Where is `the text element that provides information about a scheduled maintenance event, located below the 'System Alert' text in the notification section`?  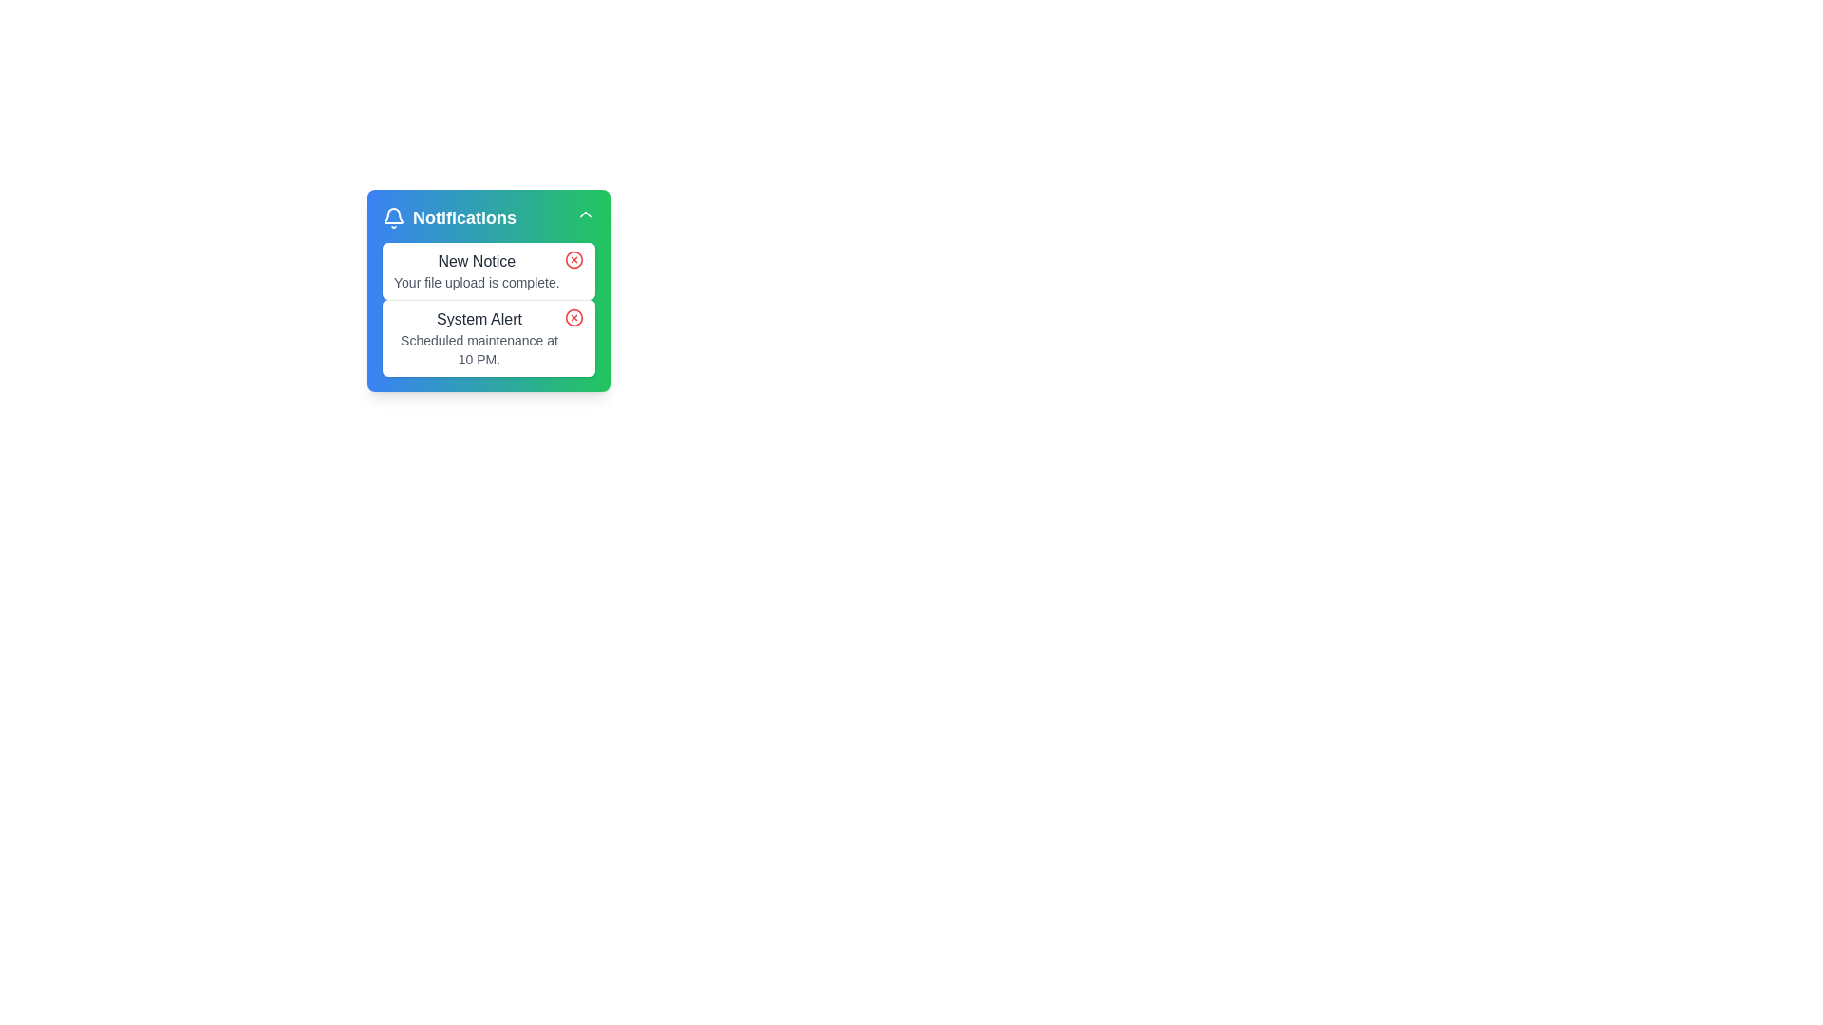 the text element that provides information about a scheduled maintenance event, located below the 'System Alert' text in the notification section is located at coordinates (479, 350).